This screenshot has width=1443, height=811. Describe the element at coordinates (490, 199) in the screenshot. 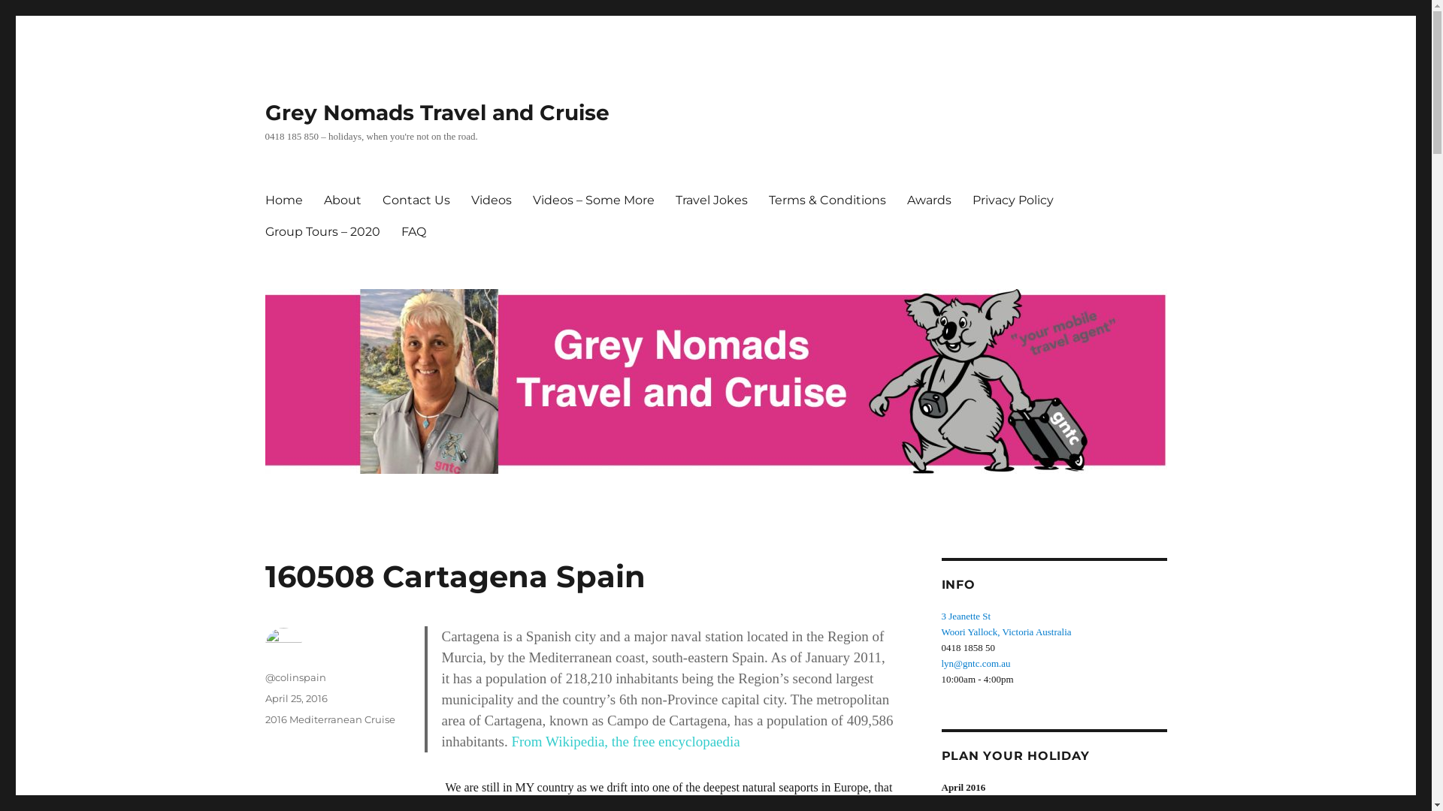

I see `'Videos'` at that location.